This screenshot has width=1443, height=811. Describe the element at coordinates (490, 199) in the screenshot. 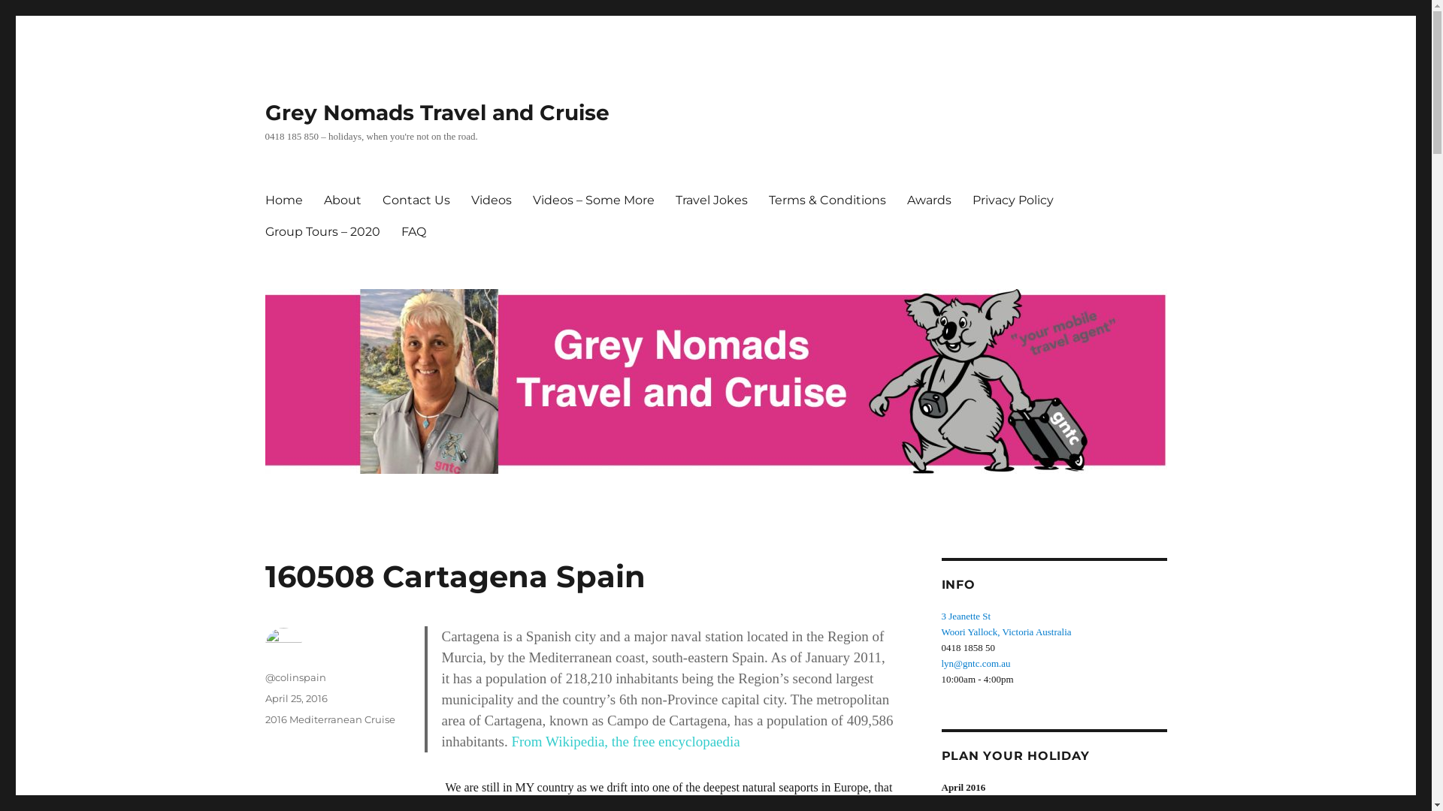

I see `'Videos'` at that location.